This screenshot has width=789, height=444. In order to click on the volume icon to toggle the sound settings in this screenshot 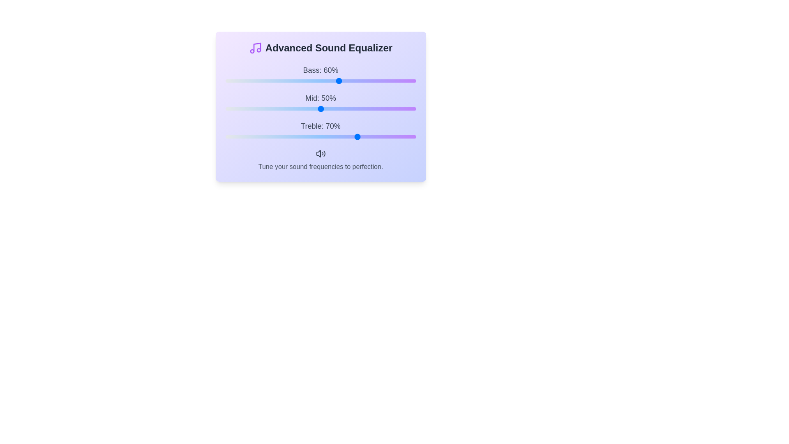, I will do `click(320, 153)`.